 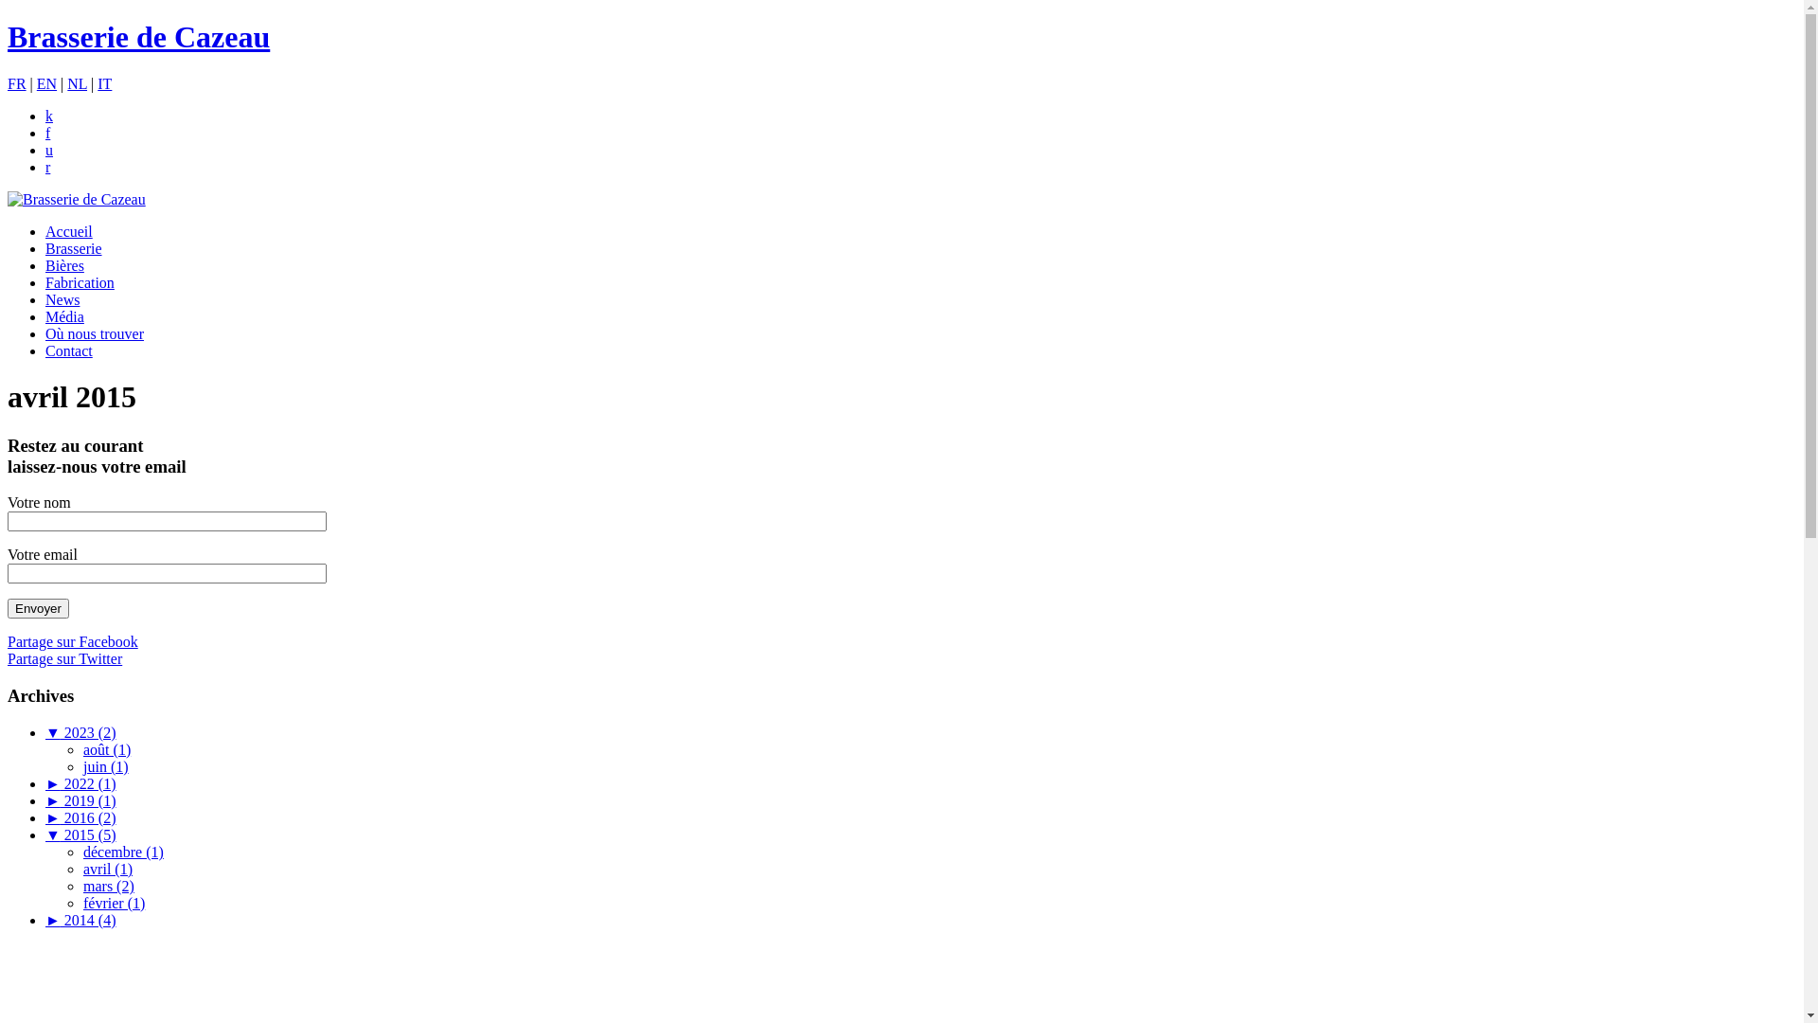 What do you see at coordinates (79, 282) in the screenshot?
I see `'Fabrication'` at bounding box center [79, 282].